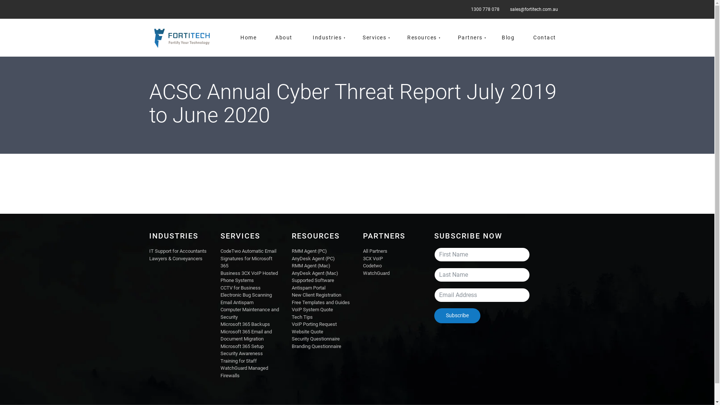  What do you see at coordinates (220, 335) in the screenshot?
I see `'Microsoft 365 Email and Document Migration'` at bounding box center [220, 335].